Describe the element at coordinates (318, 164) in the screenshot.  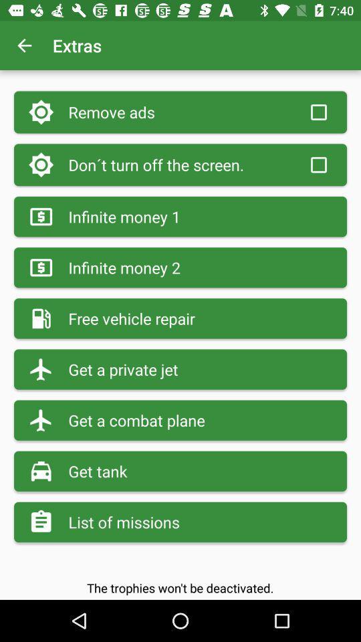
I see `selects do n't turn off the screen option` at that location.